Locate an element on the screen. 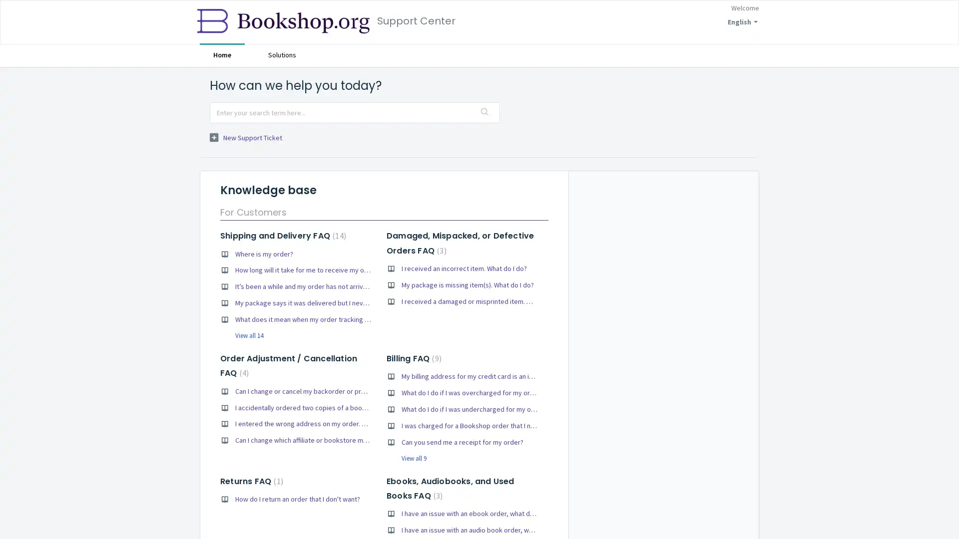 The image size is (959, 539). Search is located at coordinates (484, 112).